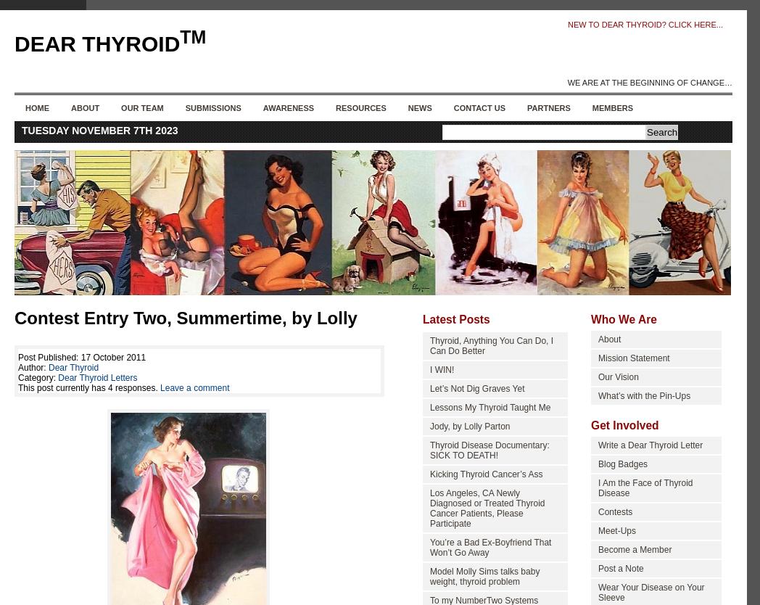 The height and width of the screenshot is (605, 760). What do you see at coordinates (184, 108) in the screenshot?
I see `'Submissions'` at bounding box center [184, 108].